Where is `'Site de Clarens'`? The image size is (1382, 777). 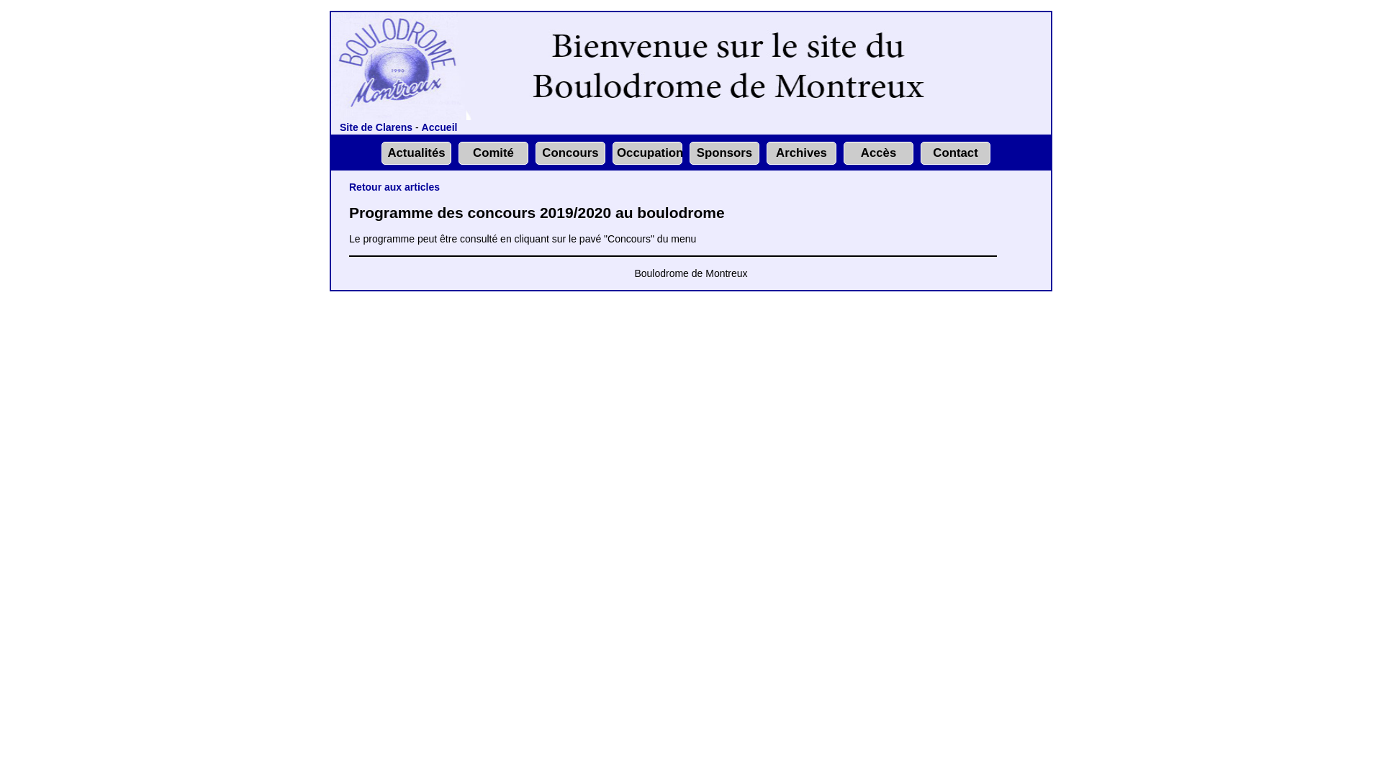
'Site de Clarens' is located at coordinates (376, 127).